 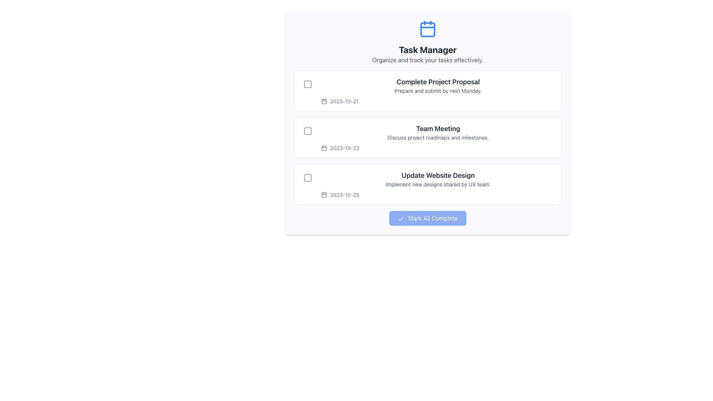 What do you see at coordinates (308, 84) in the screenshot?
I see `the checkbox to the left of the 'Complete Project Proposal' heading` at bounding box center [308, 84].